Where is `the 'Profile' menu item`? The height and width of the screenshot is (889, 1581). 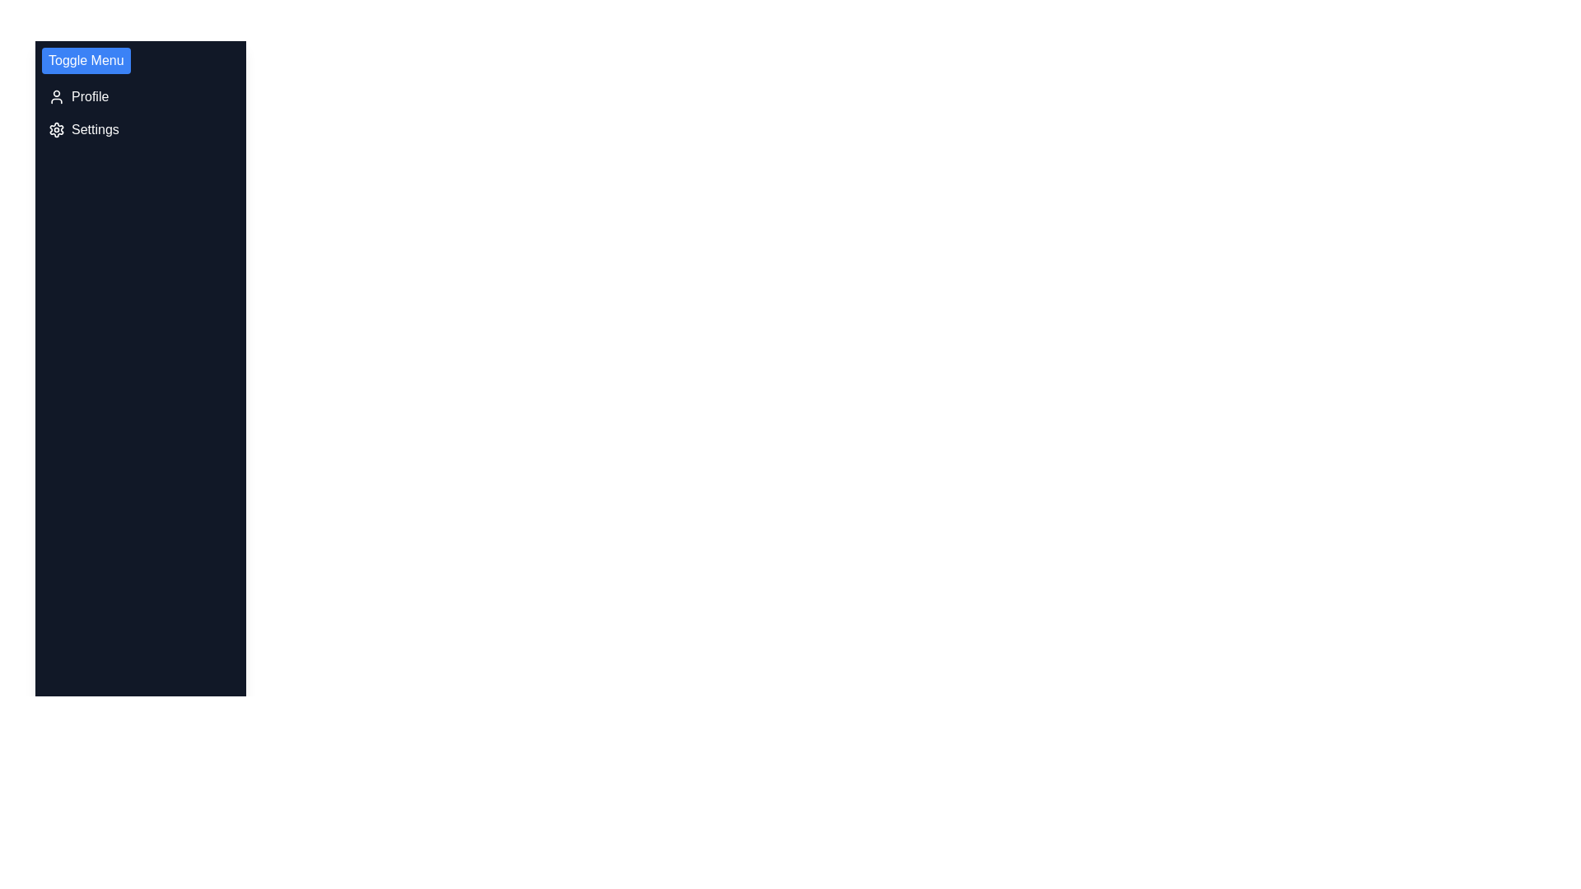 the 'Profile' menu item is located at coordinates (141, 97).